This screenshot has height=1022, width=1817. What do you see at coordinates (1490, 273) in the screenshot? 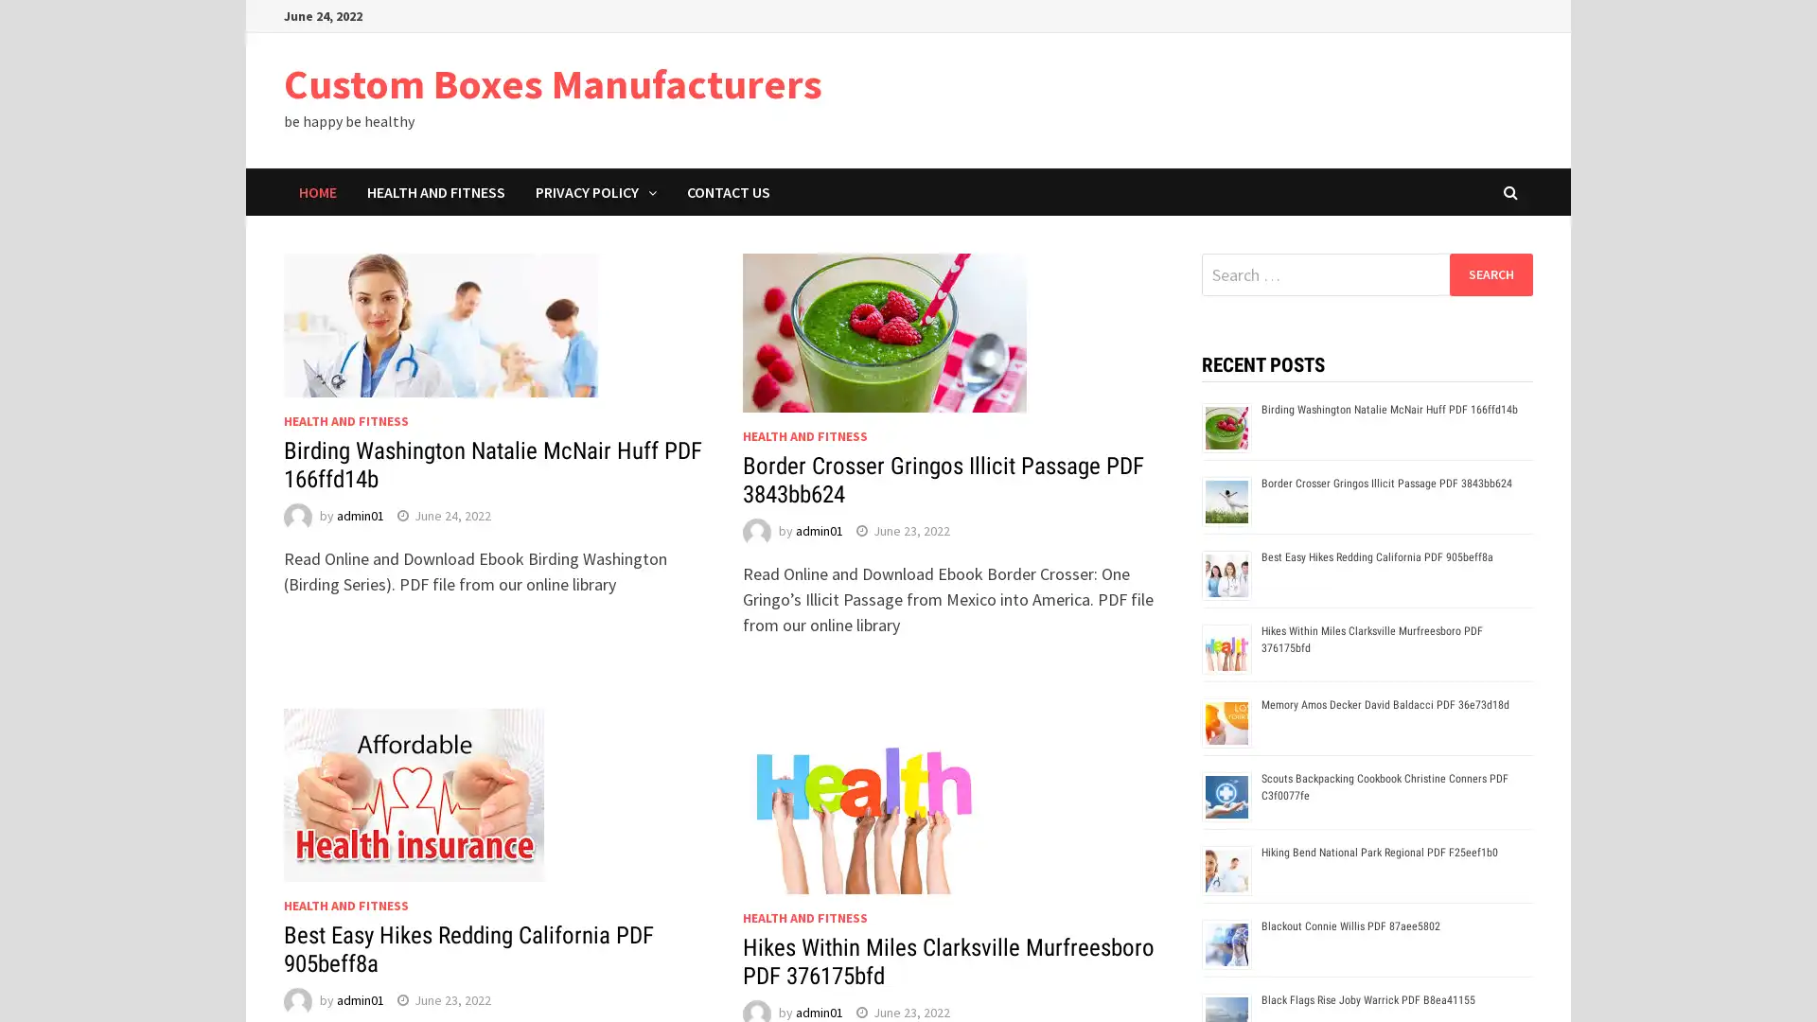
I see `Search` at bounding box center [1490, 273].